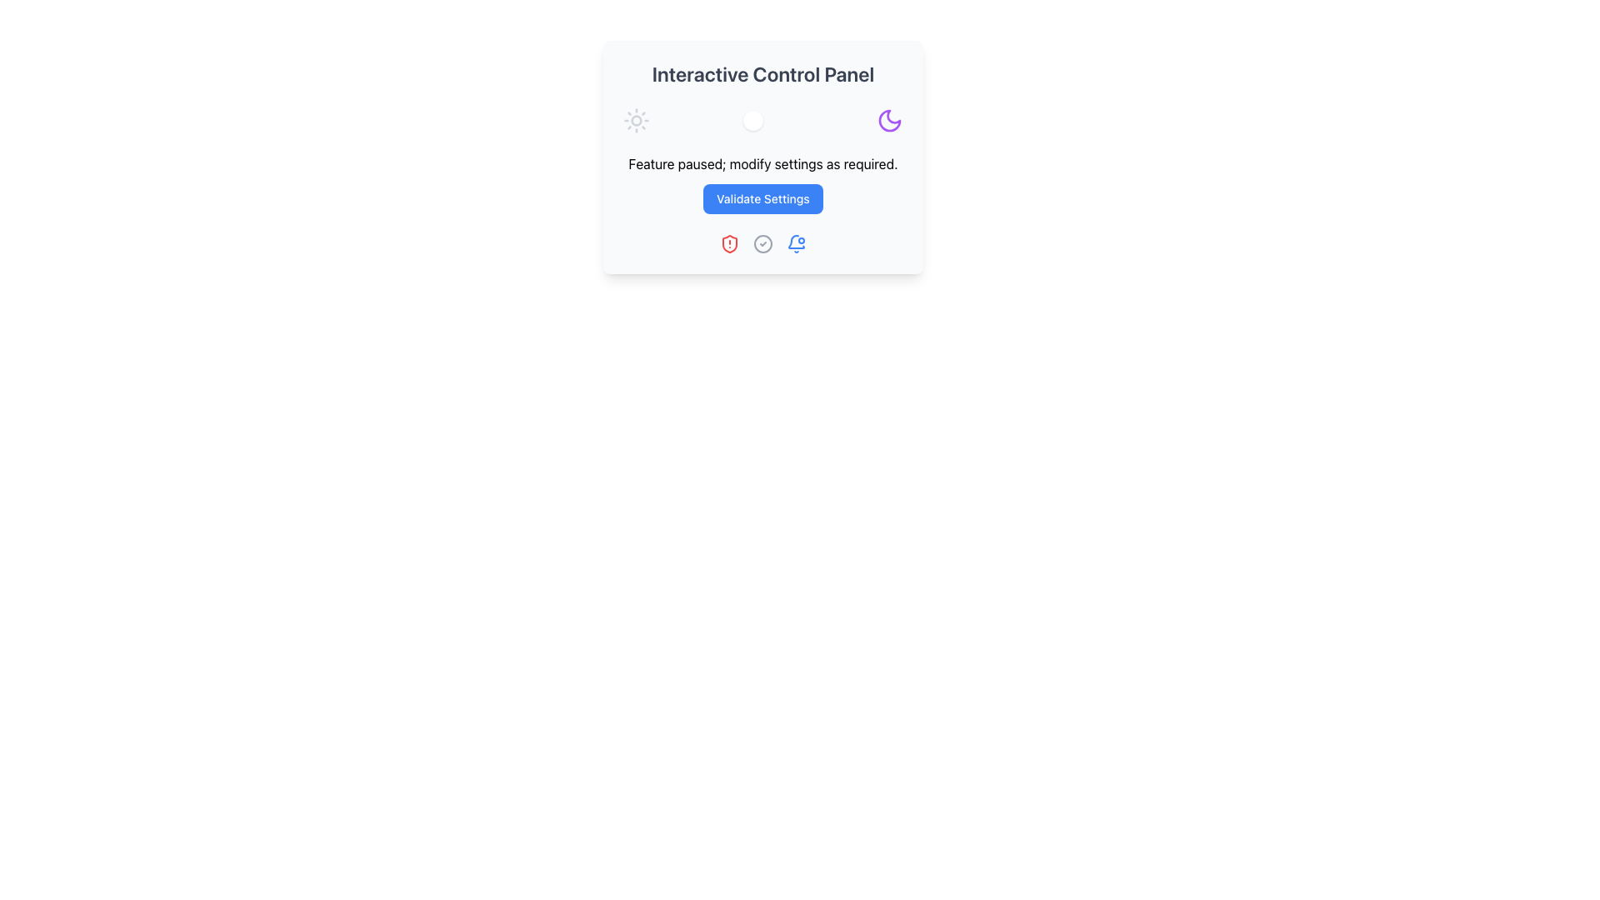 Image resolution: width=1600 pixels, height=900 pixels. I want to click on the second icon from the left in the 'Interactive Control Panel', which signifies approval or confirmation, if its functionality is enabled, so click(762, 244).